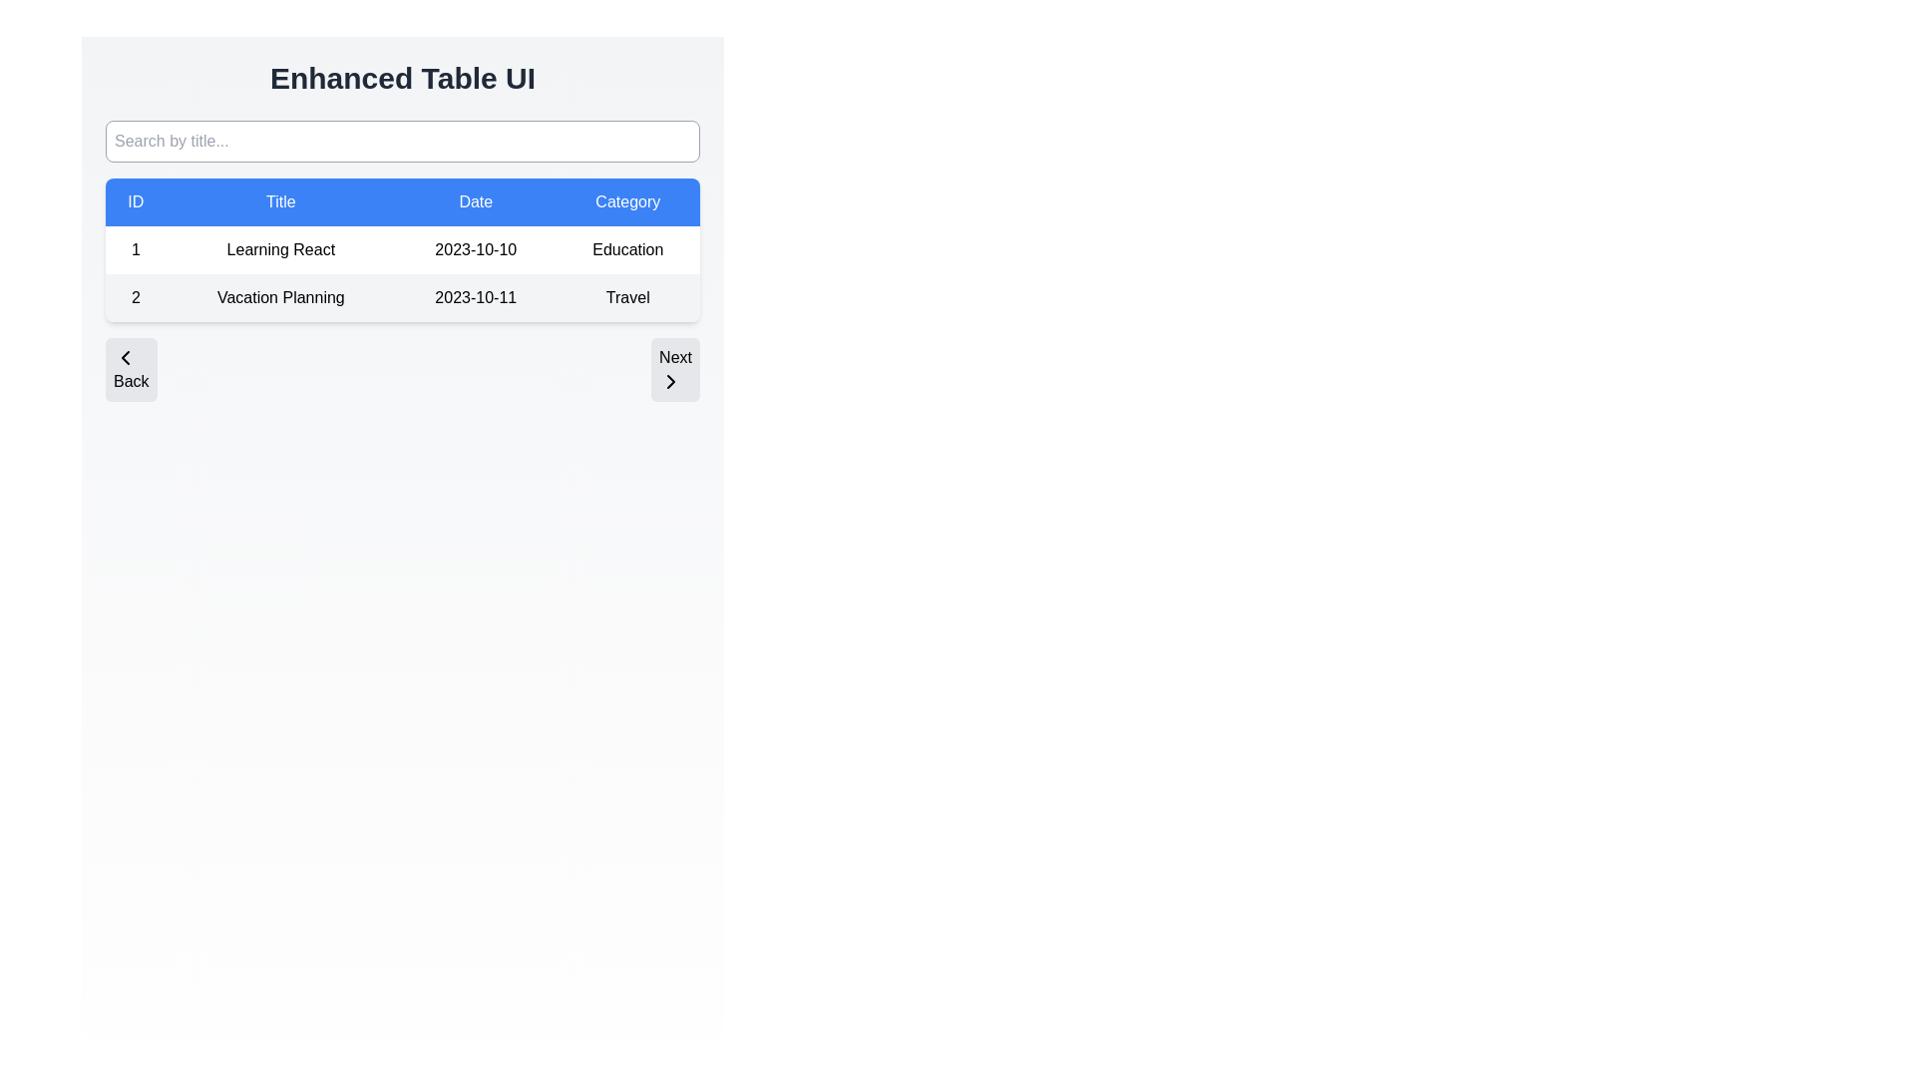 The width and height of the screenshot is (1915, 1077). What do you see at coordinates (401, 298) in the screenshot?
I see `the row` at bounding box center [401, 298].